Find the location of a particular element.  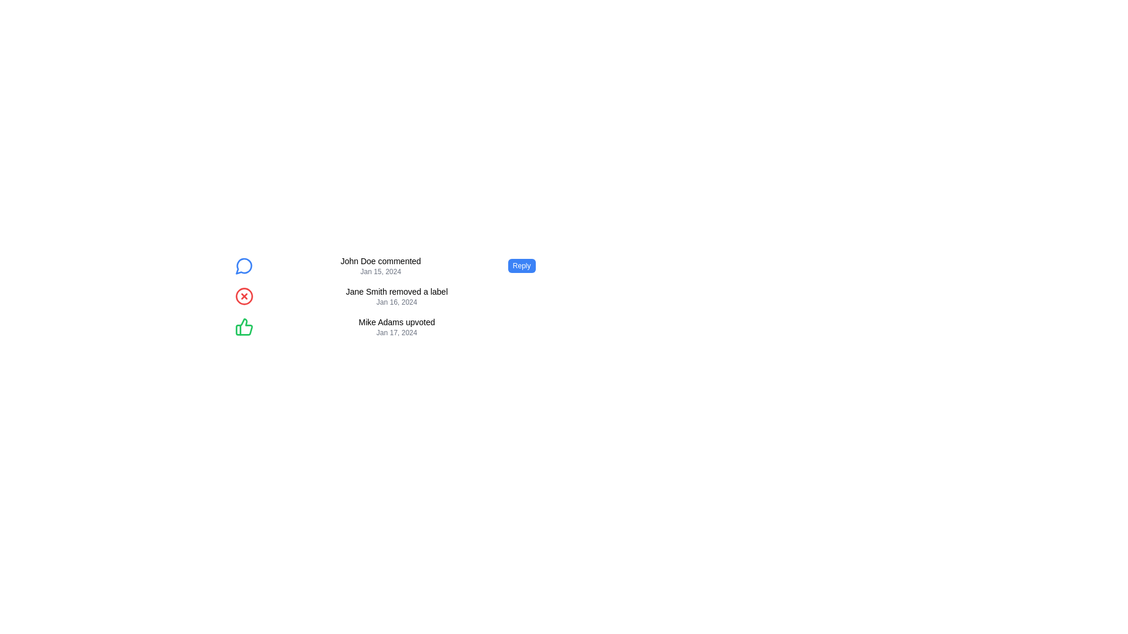

the text label that displays the message 'Jane Smith removed a label' followed by the date 'Jan 16, 2024', which is the second item in a vertically aligned list of similar elements is located at coordinates (397, 296).